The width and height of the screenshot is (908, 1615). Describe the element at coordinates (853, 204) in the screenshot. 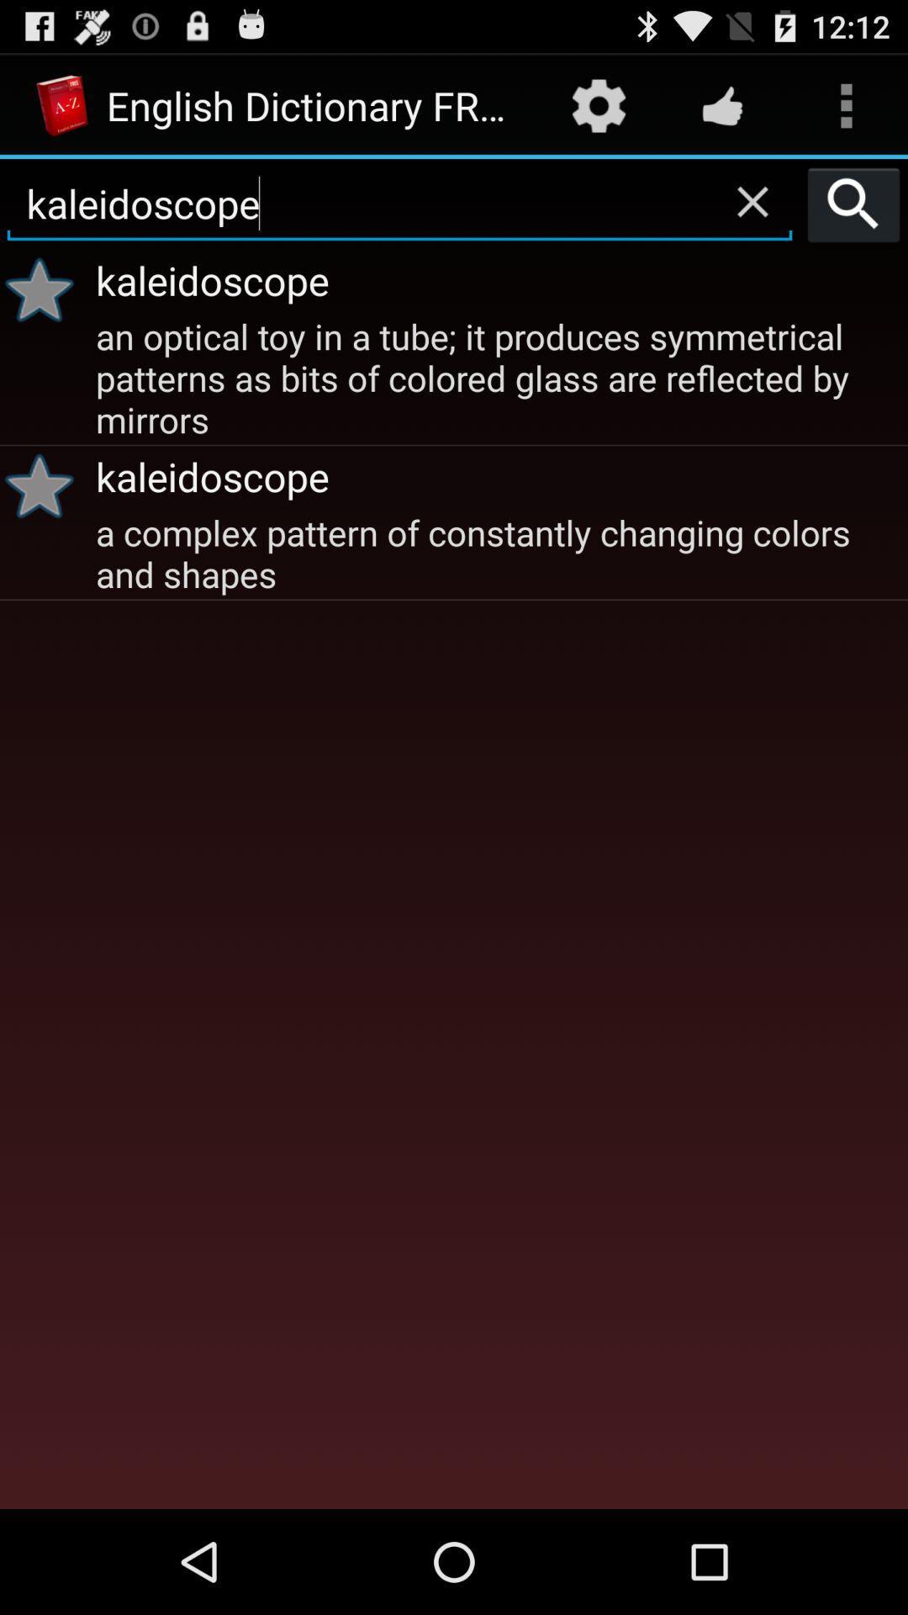

I see `the item next to kaleidoscope icon` at that location.